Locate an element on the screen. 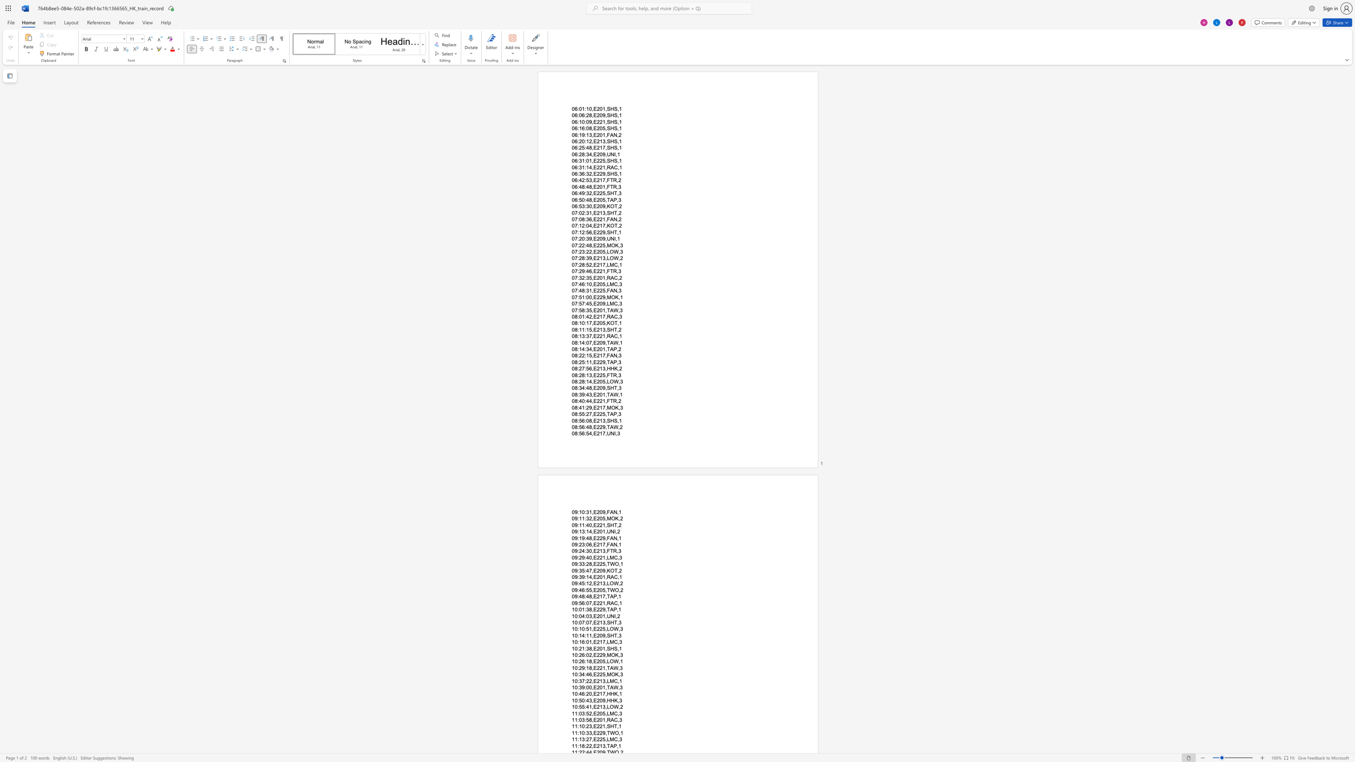 This screenshot has height=762, width=1355. the subset text ":10,E2" within the text "06:01:10,E201,SHS,1" is located at coordinates (584, 109).